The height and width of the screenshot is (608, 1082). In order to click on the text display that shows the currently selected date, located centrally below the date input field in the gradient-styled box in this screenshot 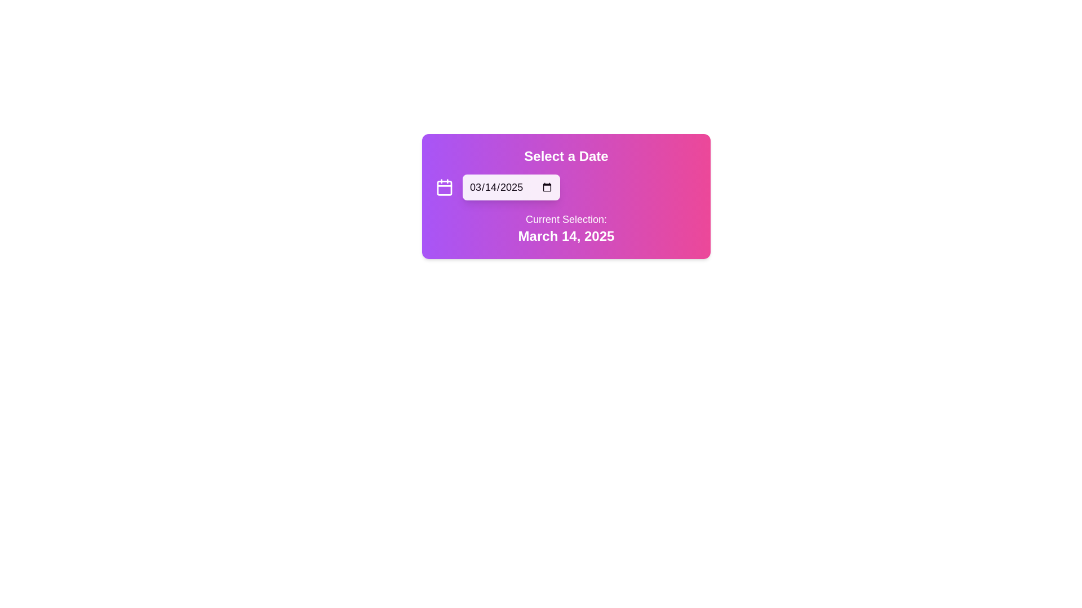, I will do `click(566, 228)`.